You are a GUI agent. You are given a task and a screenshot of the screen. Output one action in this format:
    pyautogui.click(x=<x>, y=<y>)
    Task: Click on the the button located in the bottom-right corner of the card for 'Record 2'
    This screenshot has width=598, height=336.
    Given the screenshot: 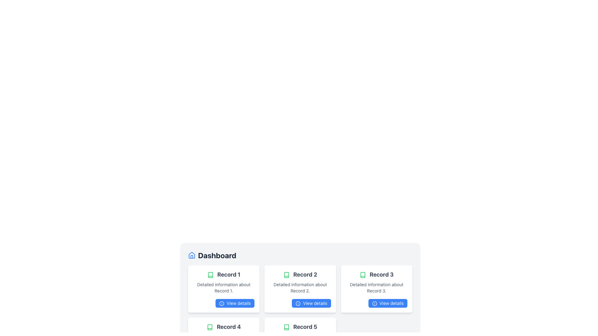 What is the action you would take?
    pyautogui.click(x=311, y=303)
    